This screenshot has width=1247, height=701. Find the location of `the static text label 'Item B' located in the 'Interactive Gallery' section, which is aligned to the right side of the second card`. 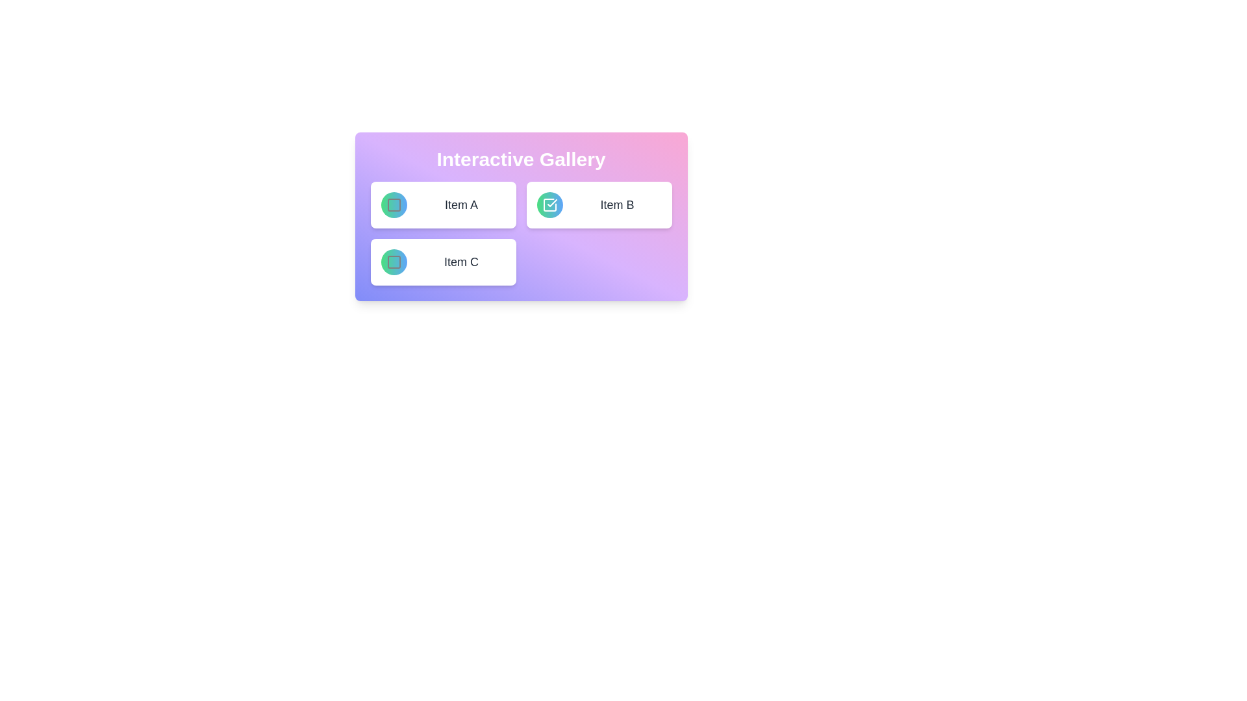

the static text label 'Item B' located in the 'Interactive Gallery' section, which is aligned to the right side of the second card is located at coordinates (616, 204).